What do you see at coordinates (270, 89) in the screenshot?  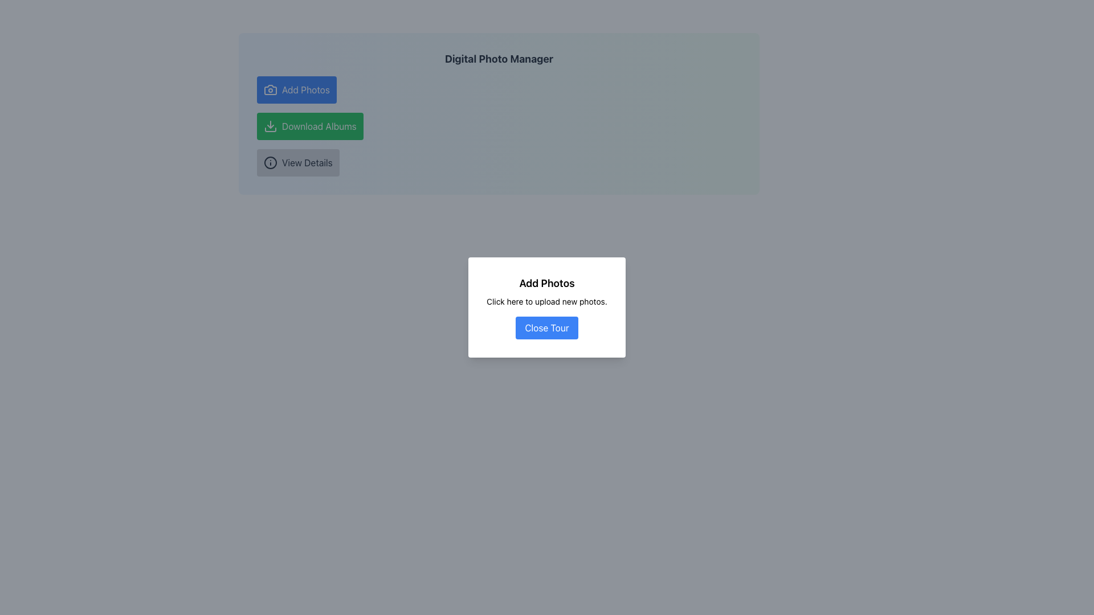 I see `the 'Add Photos' button icon, which is located at the upper part of the interface's card section, directly above the 'Download Albums' green button` at bounding box center [270, 89].